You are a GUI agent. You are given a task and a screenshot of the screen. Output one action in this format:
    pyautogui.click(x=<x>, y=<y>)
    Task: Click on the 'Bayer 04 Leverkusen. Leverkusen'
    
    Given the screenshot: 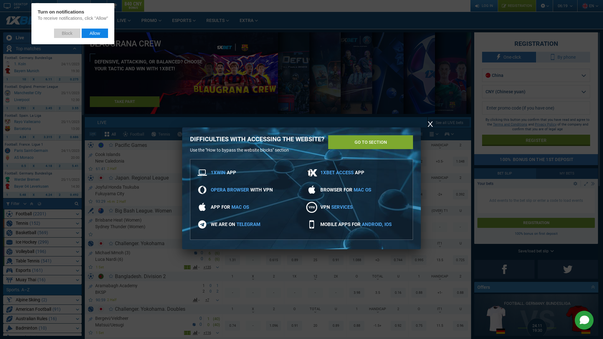 What is the action you would take?
    pyautogui.click(x=8, y=186)
    